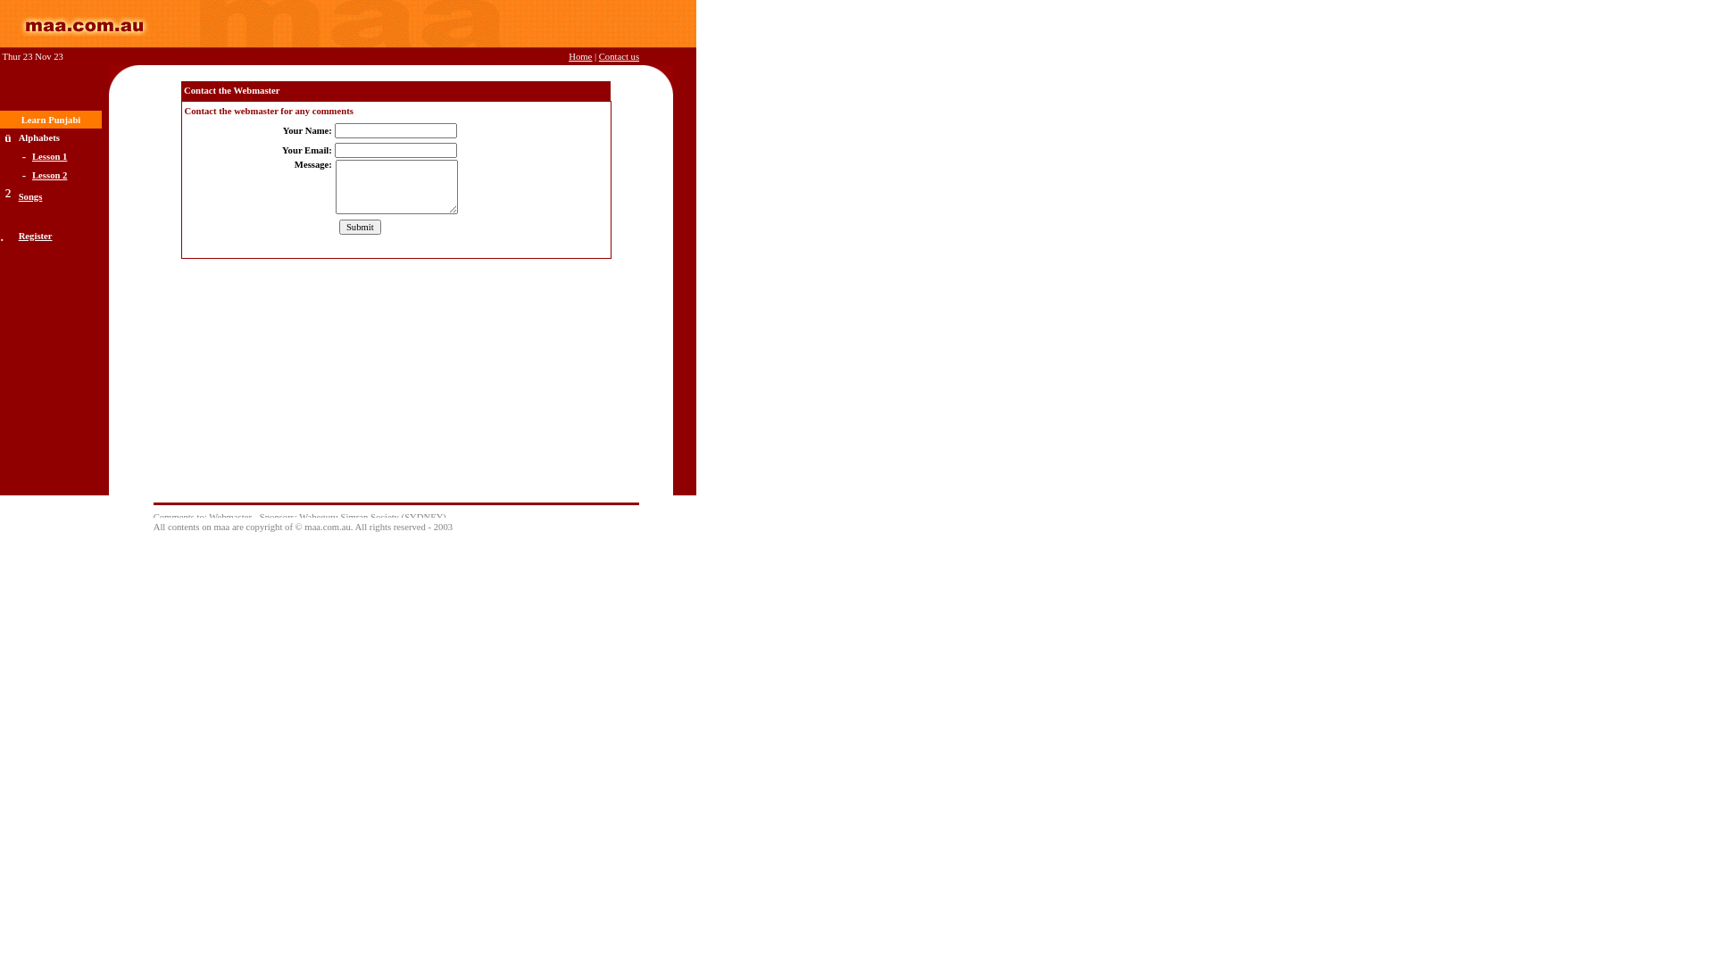 The width and height of the screenshot is (1714, 964). Describe the element at coordinates (579, 55) in the screenshot. I see `'Home'` at that location.